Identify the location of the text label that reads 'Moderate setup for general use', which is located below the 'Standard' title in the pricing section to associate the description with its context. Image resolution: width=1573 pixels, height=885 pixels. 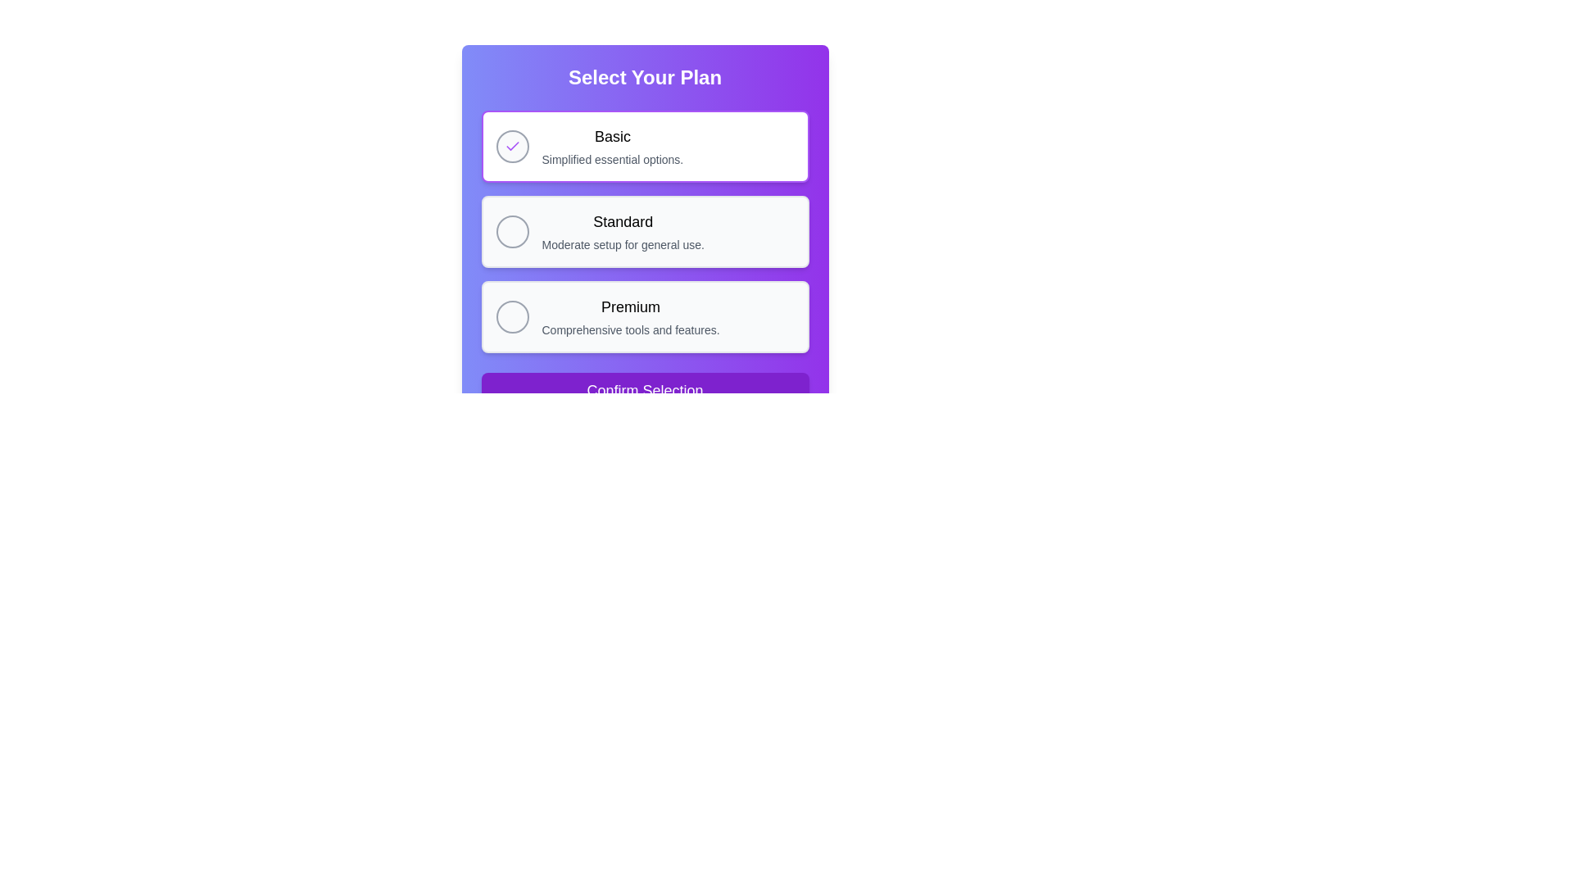
(622, 245).